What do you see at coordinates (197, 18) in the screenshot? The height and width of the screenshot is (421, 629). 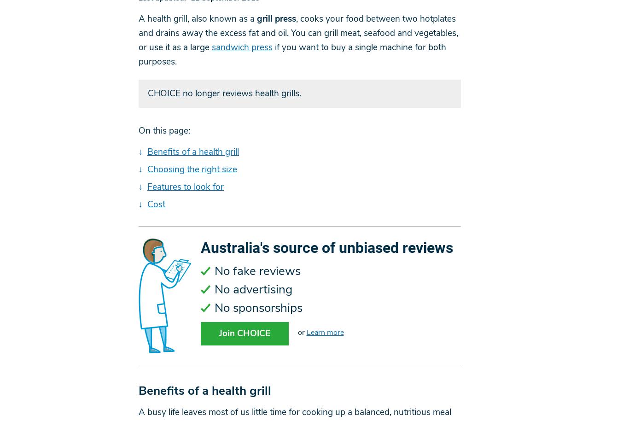 I see `'A health grill, also known as a'` at bounding box center [197, 18].